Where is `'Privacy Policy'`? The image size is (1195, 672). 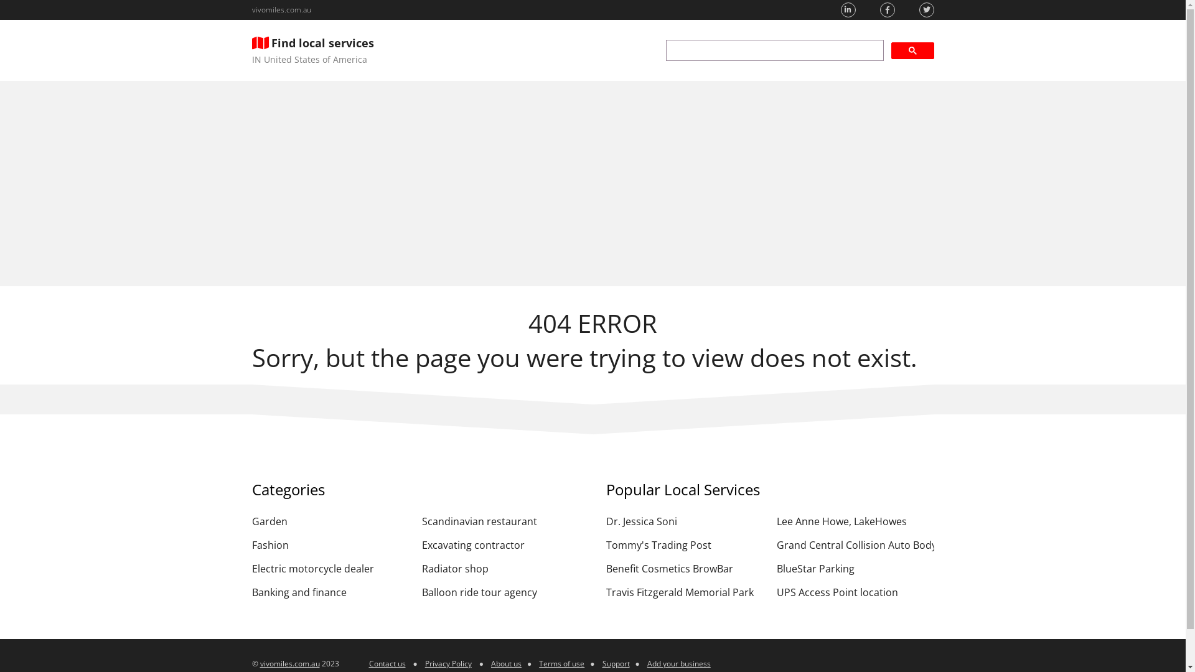 'Privacy Policy' is located at coordinates (448, 663).